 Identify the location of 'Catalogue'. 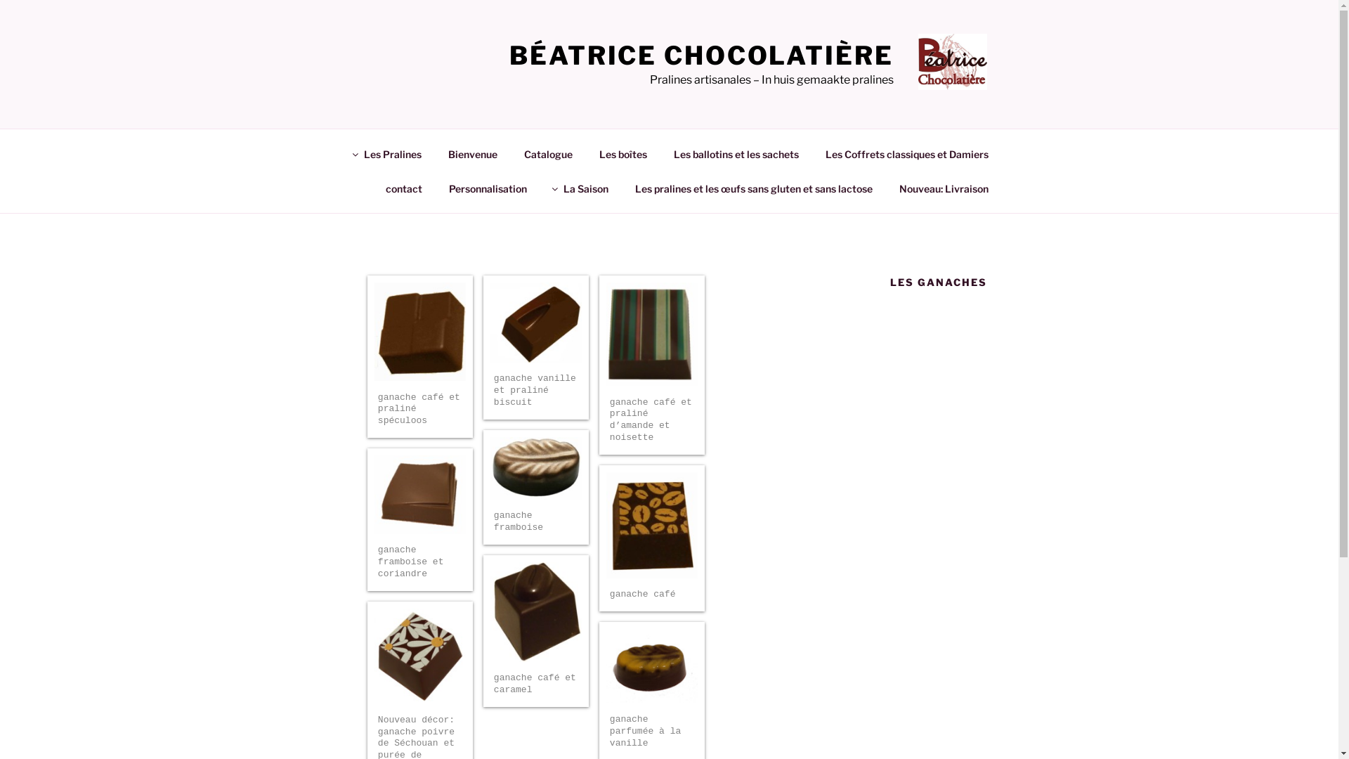
(547, 153).